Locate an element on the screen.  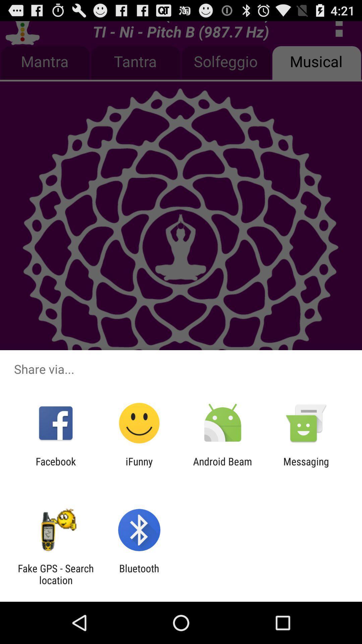
item to the right of the ifunny item is located at coordinates (223, 467).